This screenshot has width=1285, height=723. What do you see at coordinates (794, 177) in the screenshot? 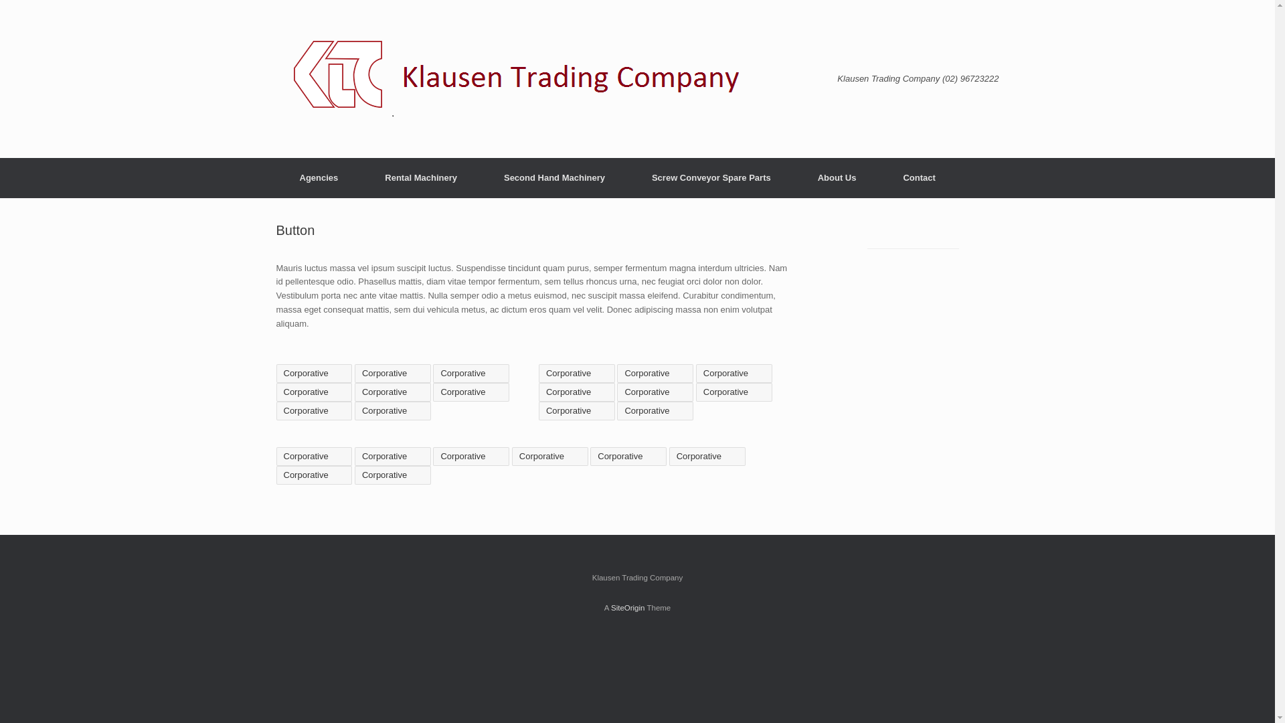
I see `'About Us'` at bounding box center [794, 177].